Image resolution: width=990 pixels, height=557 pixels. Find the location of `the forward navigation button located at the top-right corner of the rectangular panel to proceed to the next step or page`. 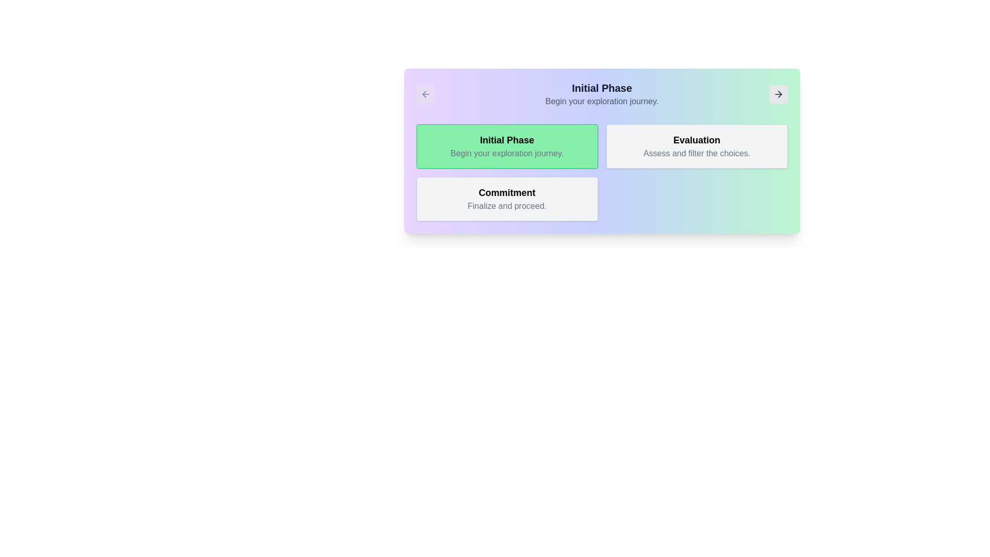

the forward navigation button located at the top-right corner of the rectangular panel to proceed to the next step or page is located at coordinates (778, 94).